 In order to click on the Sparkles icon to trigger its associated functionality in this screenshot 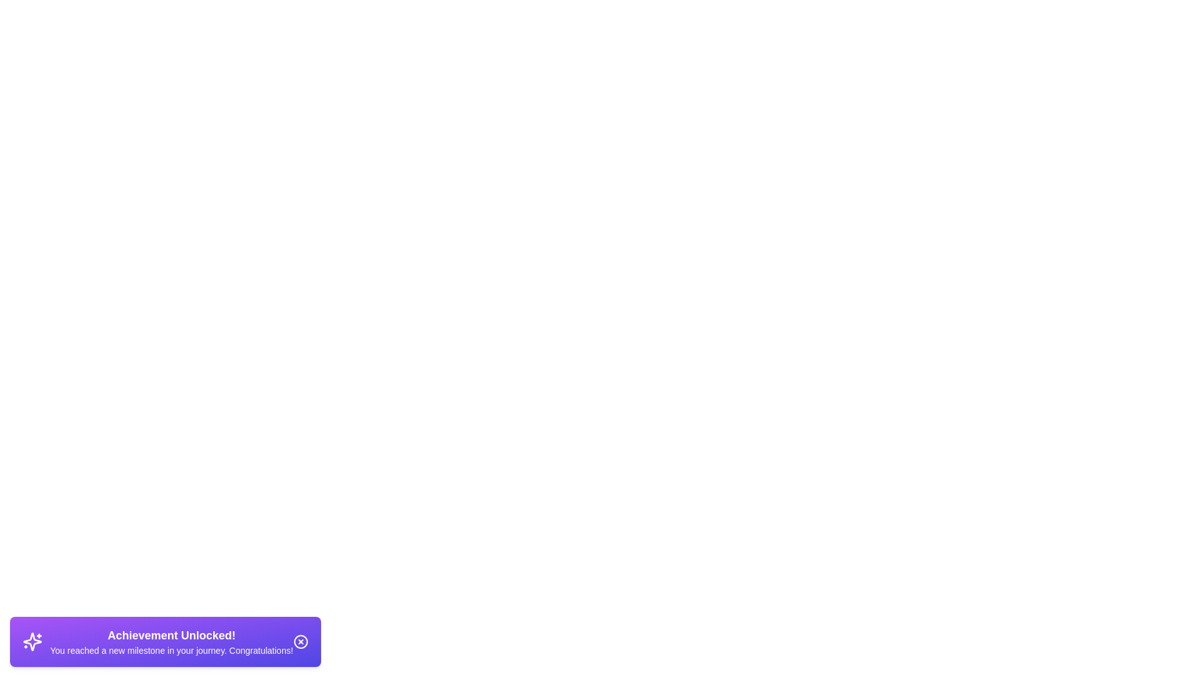, I will do `click(33, 641)`.